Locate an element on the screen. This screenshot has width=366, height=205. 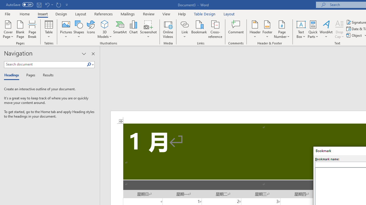
'Link' is located at coordinates (184, 24).